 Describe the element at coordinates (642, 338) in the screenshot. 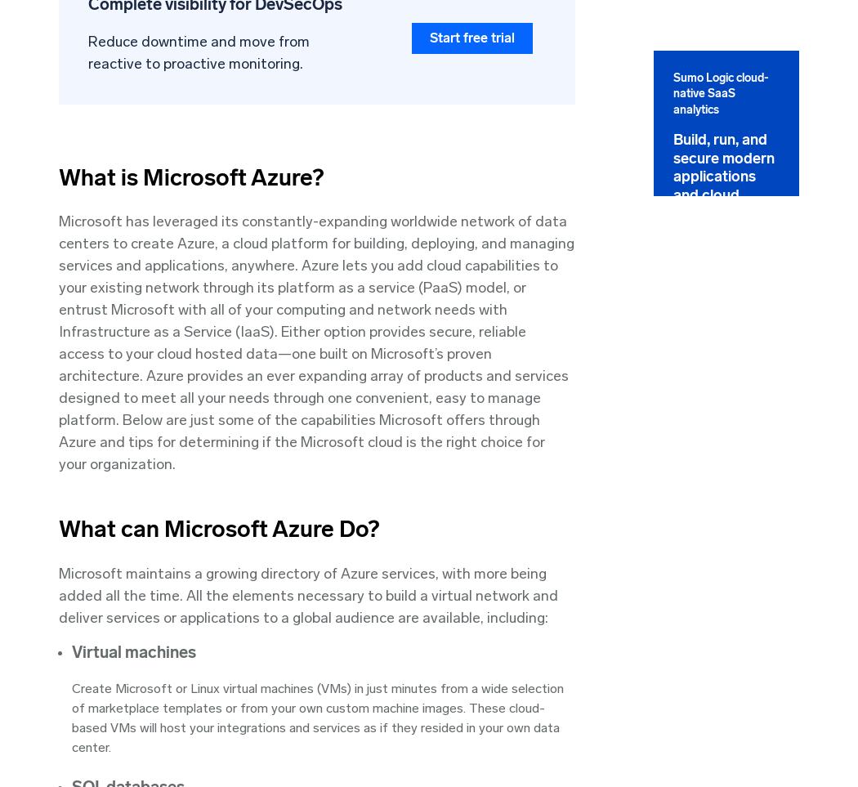

I see `'Cloud Log Management'` at that location.